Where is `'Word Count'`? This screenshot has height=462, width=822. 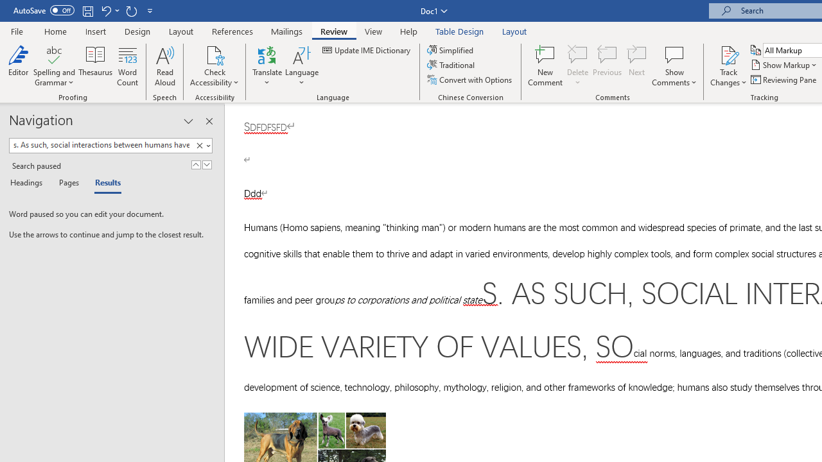 'Word Count' is located at coordinates (128, 66).